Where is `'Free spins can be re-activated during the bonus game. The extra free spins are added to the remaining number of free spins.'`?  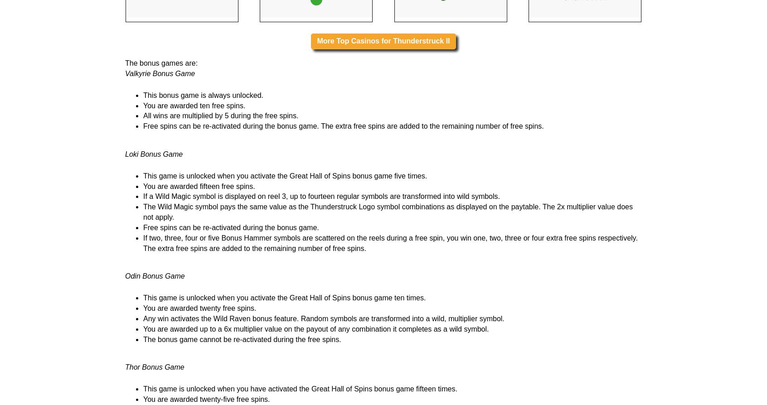 'Free spins can be re-activated during the bonus game. The extra free spins are added to the remaining number of free spins.' is located at coordinates (343, 240).